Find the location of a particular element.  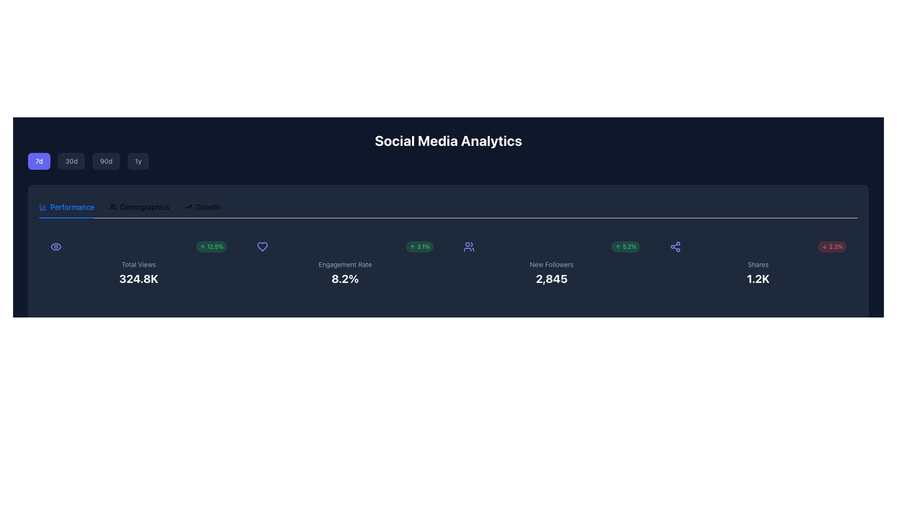

the 'Demographics' tab in the upper navigation bar is located at coordinates (139, 207).